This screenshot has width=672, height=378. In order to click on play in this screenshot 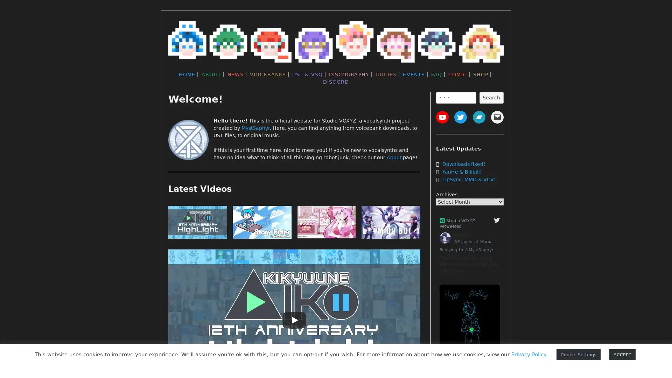, I will do `click(391, 224)`.